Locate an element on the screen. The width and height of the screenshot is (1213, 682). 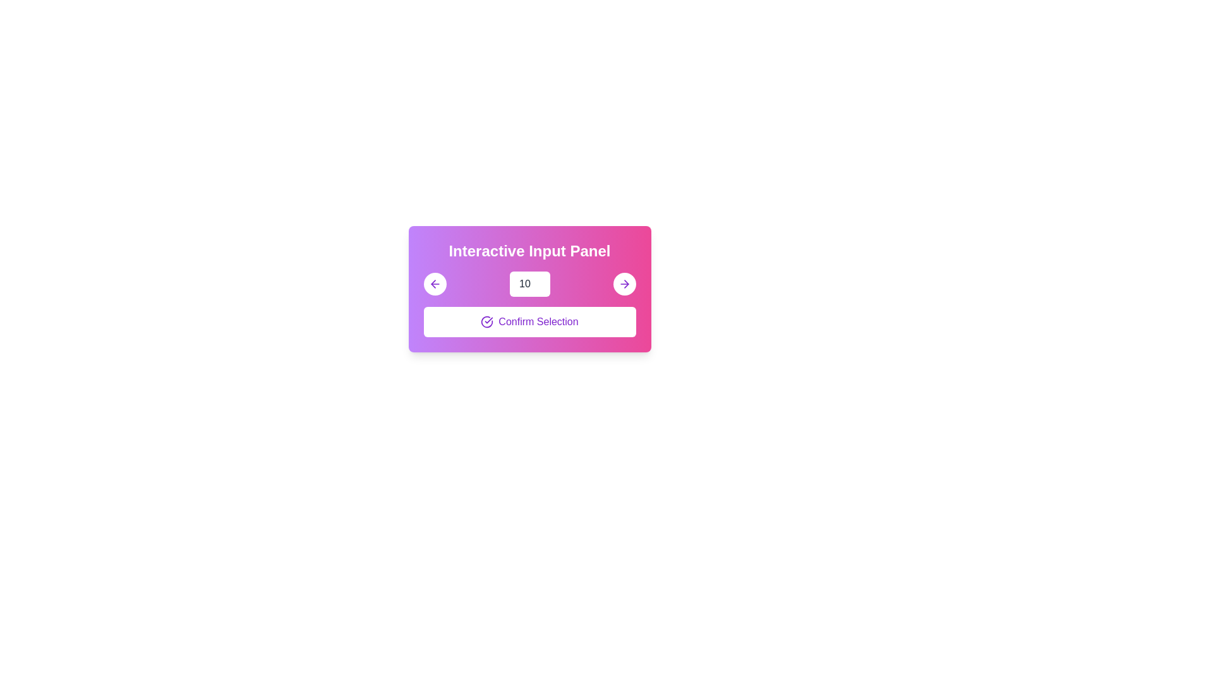
the circular purple icon with a check mark inside, located to the left of the 'Confirm Selection' button is located at coordinates (486, 321).